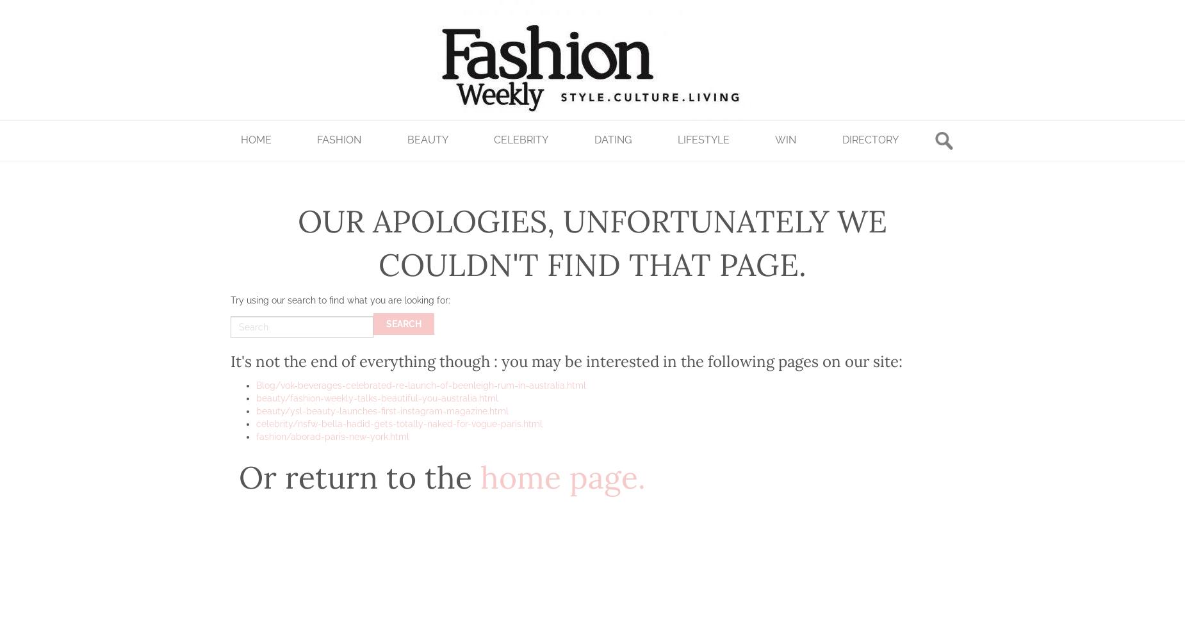 Image resolution: width=1185 pixels, height=641 pixels. Describe the element at coordinates (562, 477) in the screenshot. I see `'home page.'` at that location.